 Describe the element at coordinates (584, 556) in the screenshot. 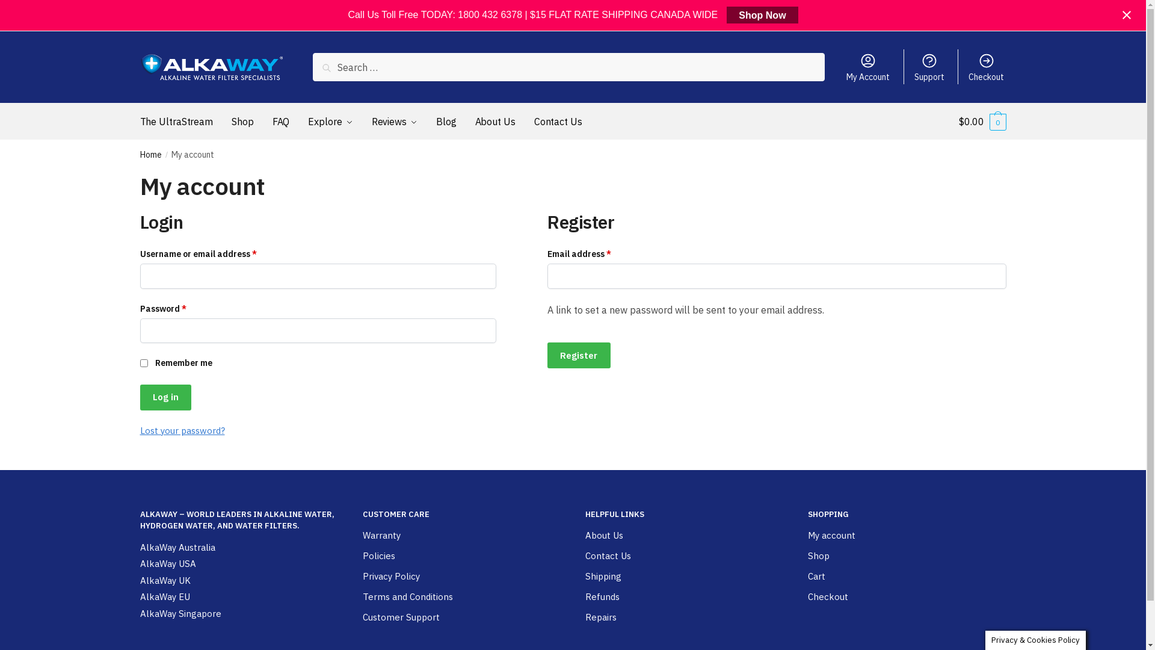

I see `'Contact Us'` at that location.